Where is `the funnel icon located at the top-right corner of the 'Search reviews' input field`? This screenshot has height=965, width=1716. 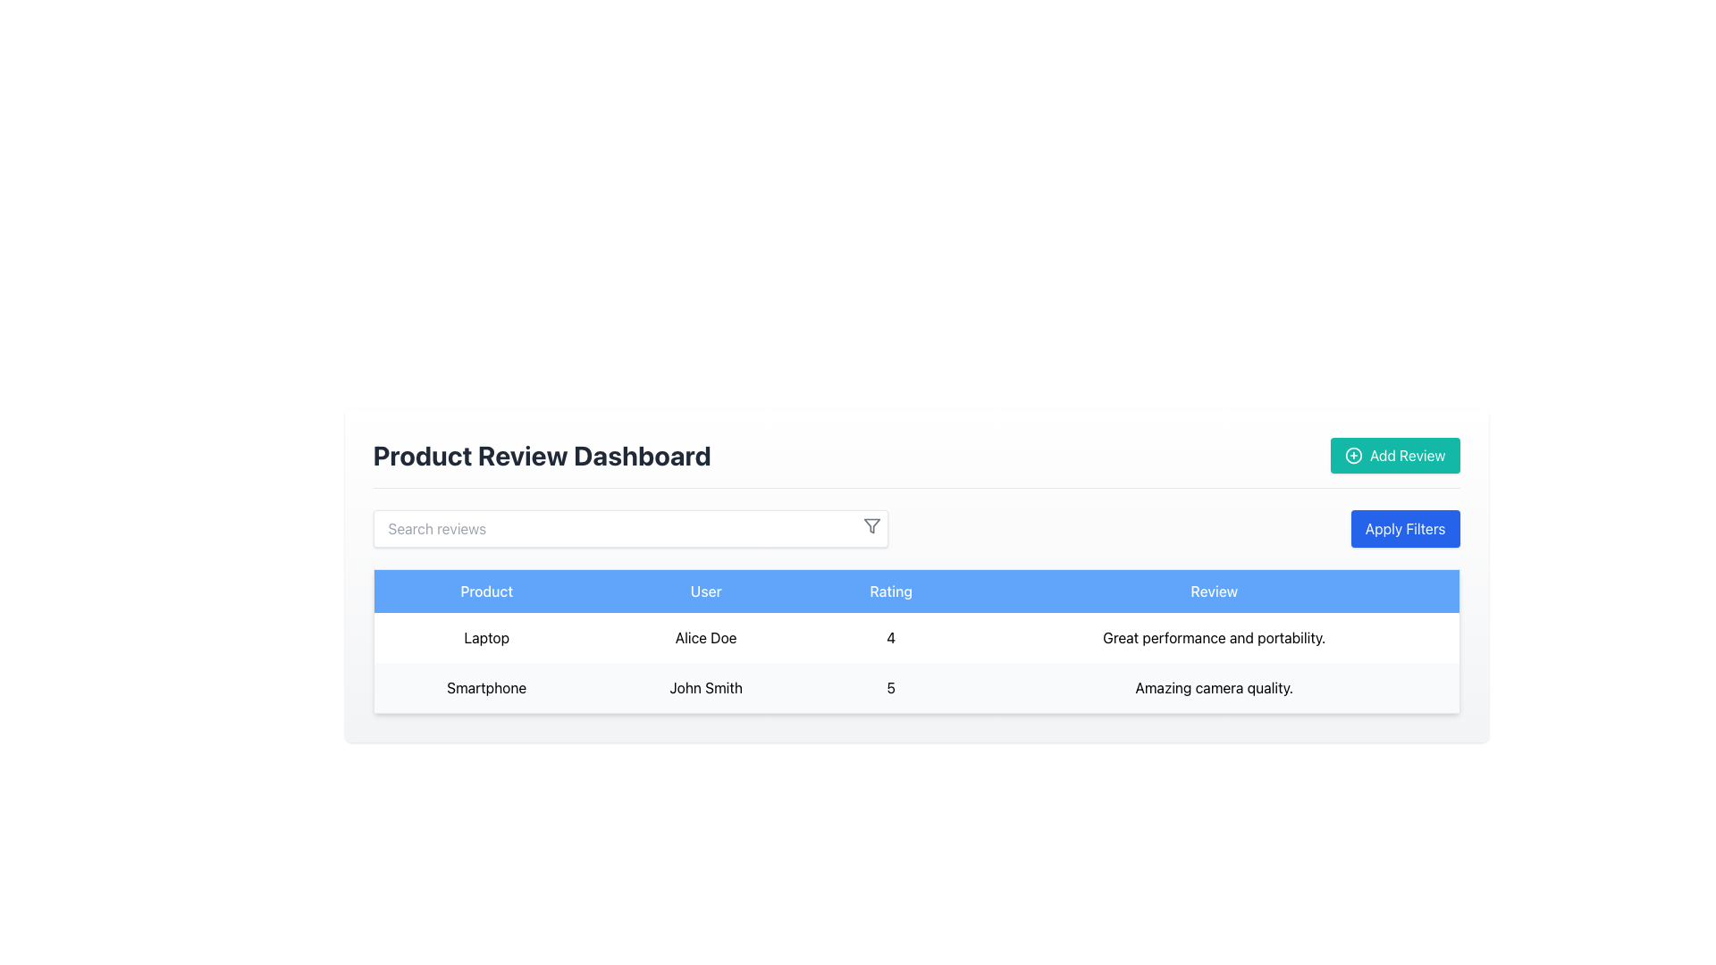
the funnel icon located at the top-right corner of the 'Search reviews' input field is located at coordinates (871, 525).